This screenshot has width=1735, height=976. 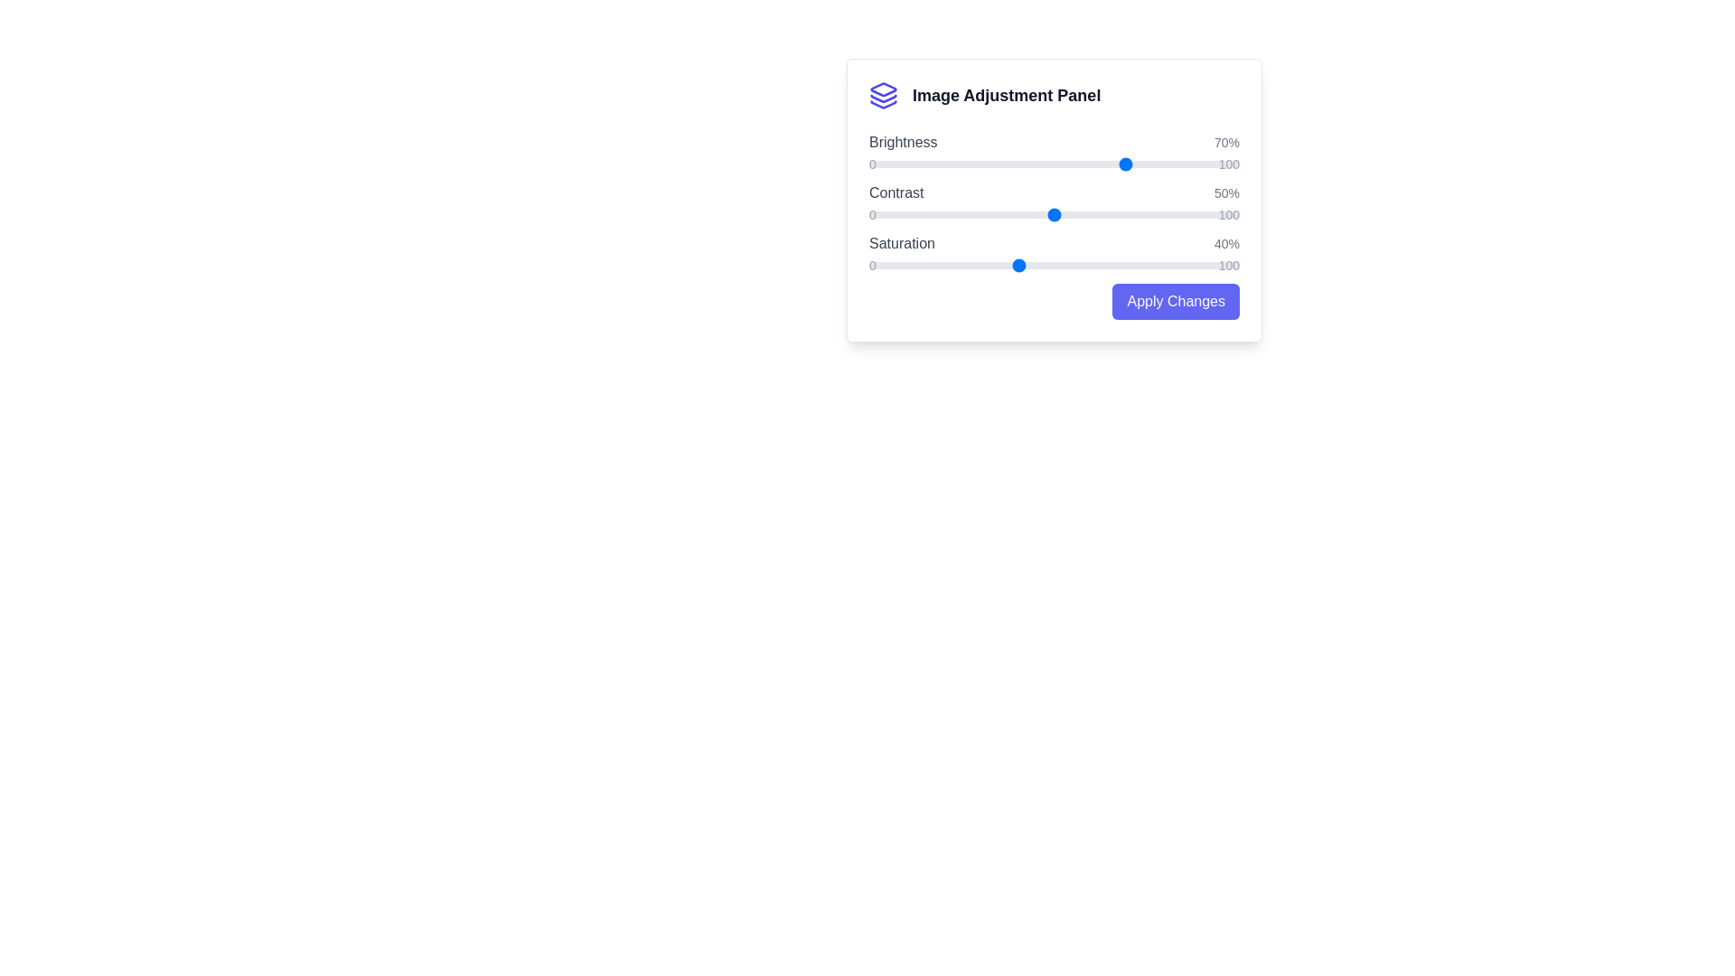 I want to click on the slider for contrast, so click(x=1054, y=214).